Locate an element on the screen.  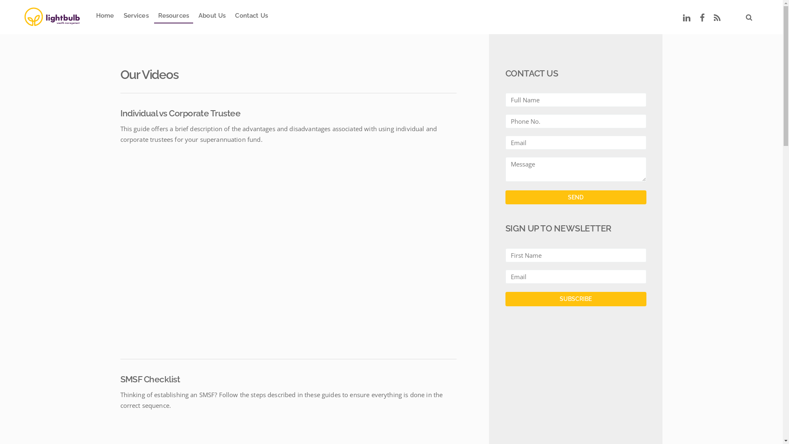
'Contact Us' is located at coordinates (251, 17).